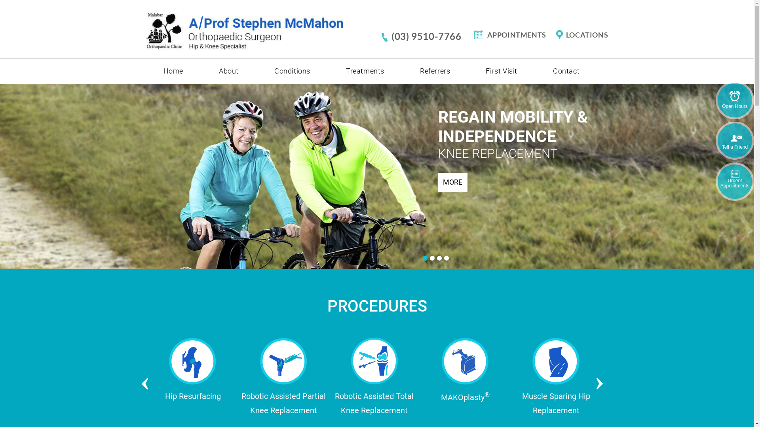 This screenshot has width=760, height=427. I want to click on 'About', so click(228, 71).